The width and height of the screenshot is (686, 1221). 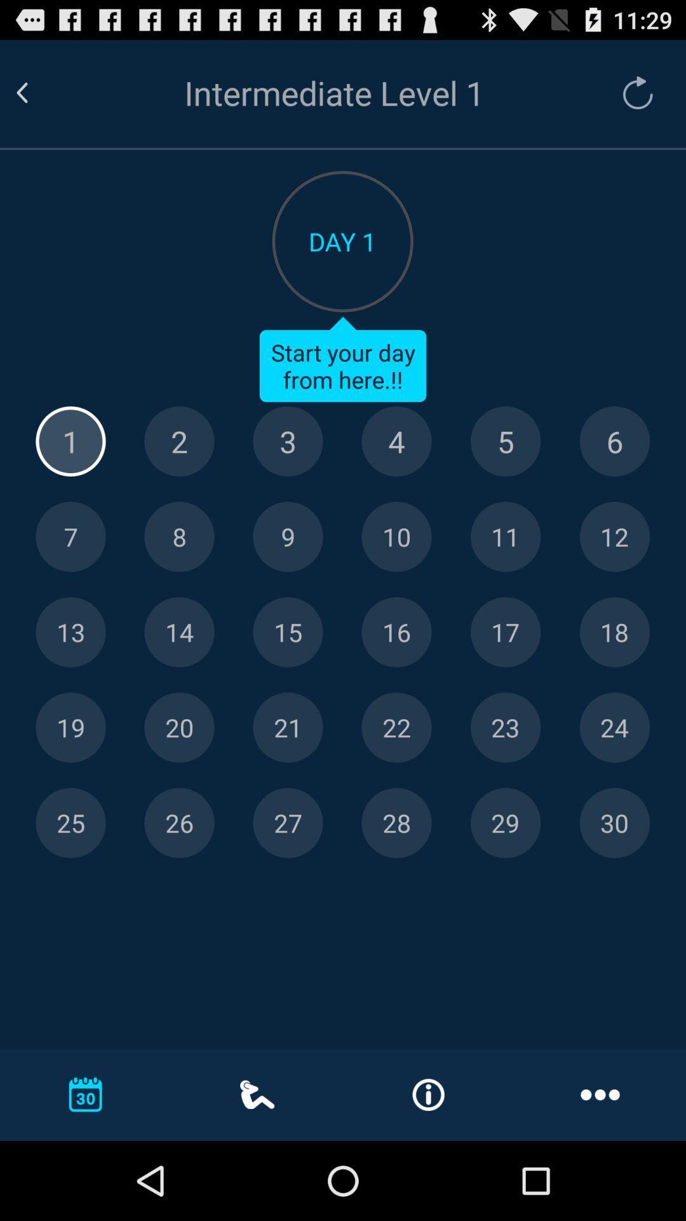 What do you see at coordinates (505, 574) in the screenshot?
I see `the sliders icon` at bounding box center [505, 574].